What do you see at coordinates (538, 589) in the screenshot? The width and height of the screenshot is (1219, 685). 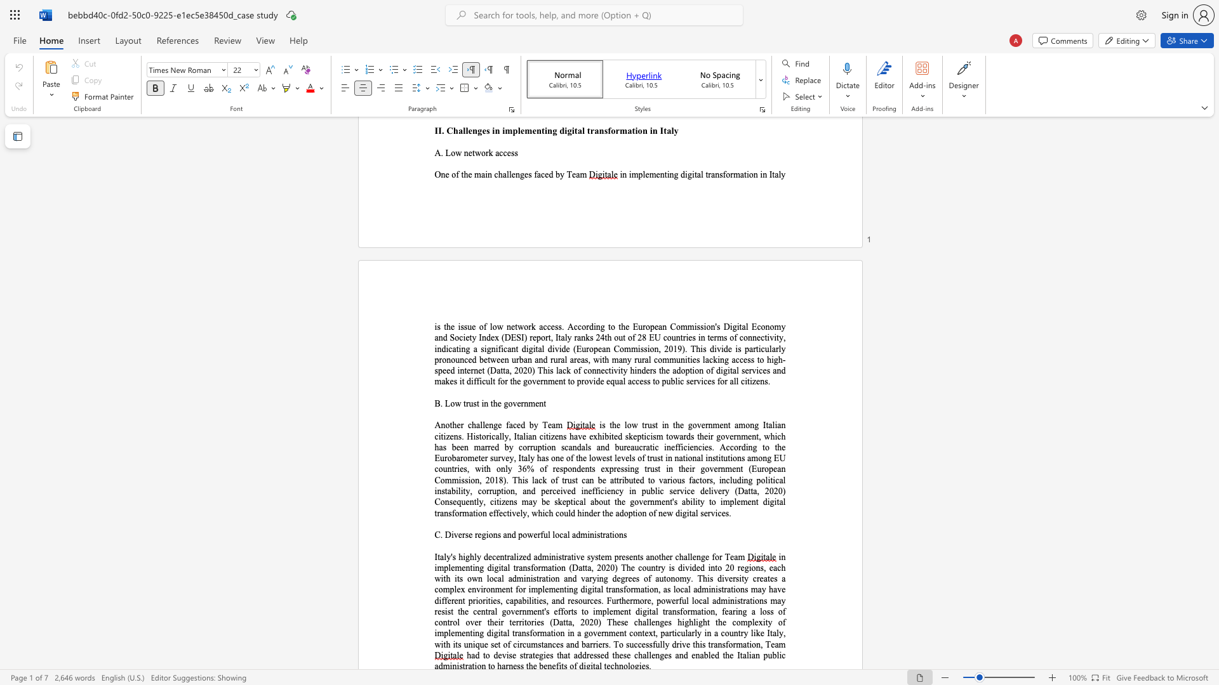 I see `the subset text "plementing digital transformation, as local administratio" within the text "in implementing digital transformation (Datta, 2020) The country is divided into 20 regions, each with its own local administration and varying degrees of autonomy. This diversity creates a complex environment for implementing digital transformation, as local administrations may have different priorities, capabilities, and resources. Furthermore, powerful local administrations may resist the central government"` at bounding box center [538, 589].